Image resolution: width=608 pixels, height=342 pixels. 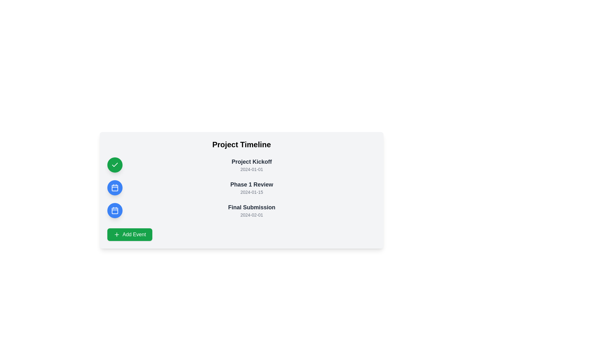 What do you see at coordinates (115, 164) in the screenshot?
I see `the topmost white checkmark icon enclosed within a green circular button on the left side of the interface` at bounding box center [115, 164].